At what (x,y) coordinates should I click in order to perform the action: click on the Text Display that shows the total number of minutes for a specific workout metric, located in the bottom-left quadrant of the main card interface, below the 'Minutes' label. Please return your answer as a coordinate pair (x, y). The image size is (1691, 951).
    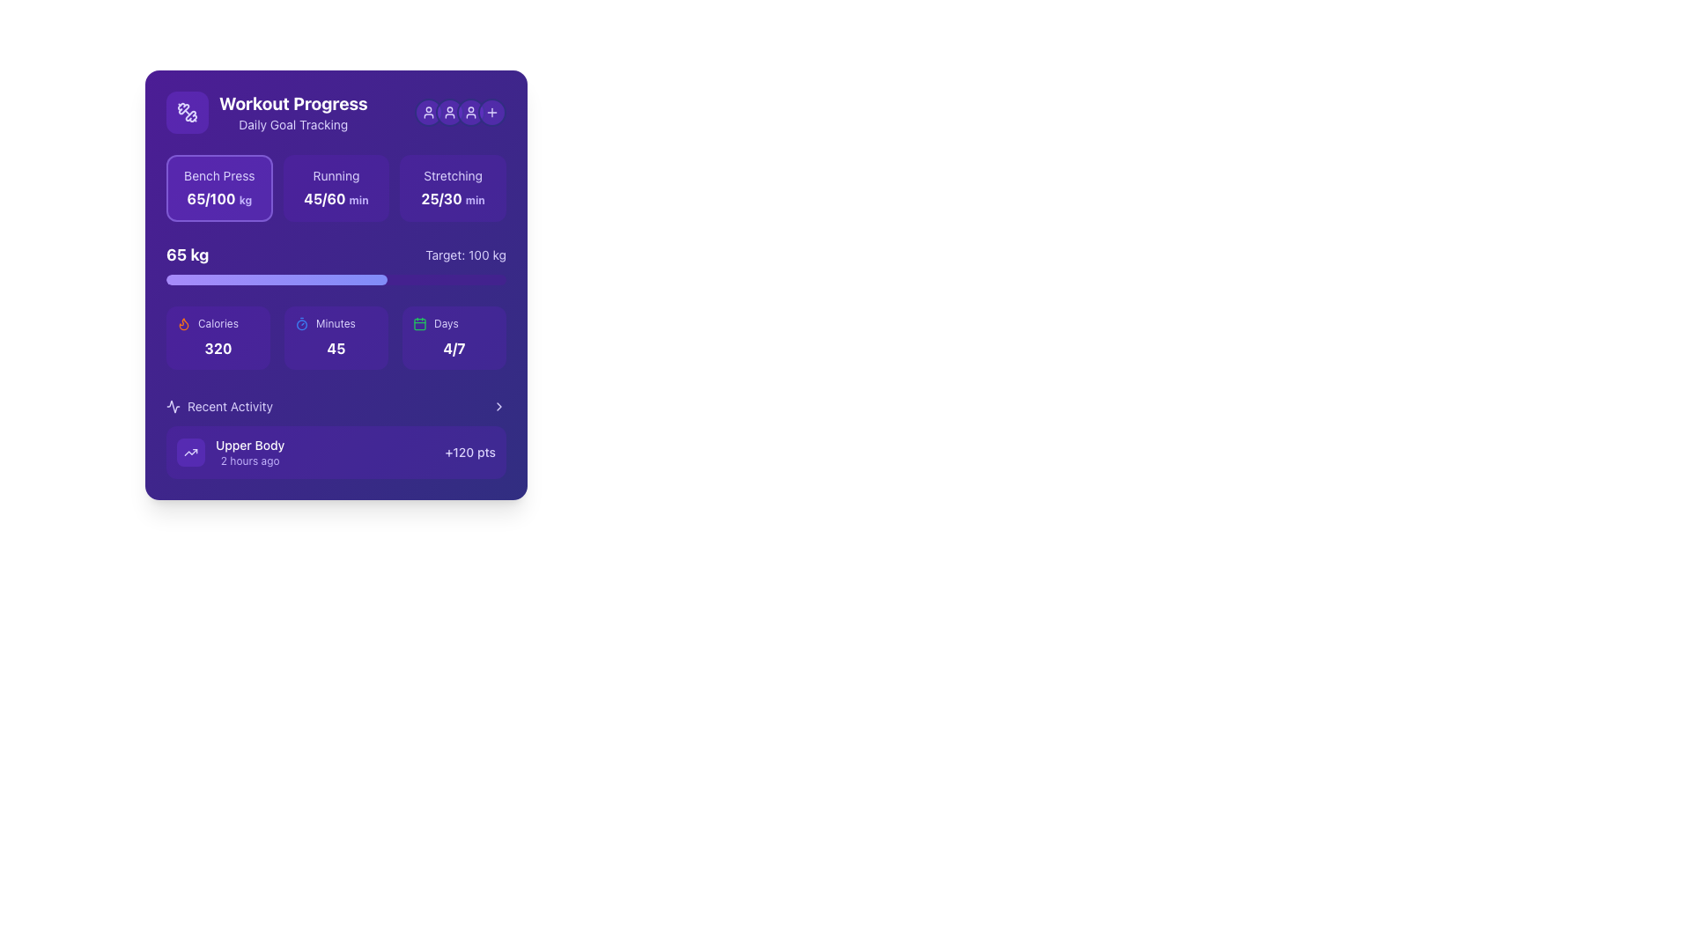
    Looking at the image, I should click on (336, 349).